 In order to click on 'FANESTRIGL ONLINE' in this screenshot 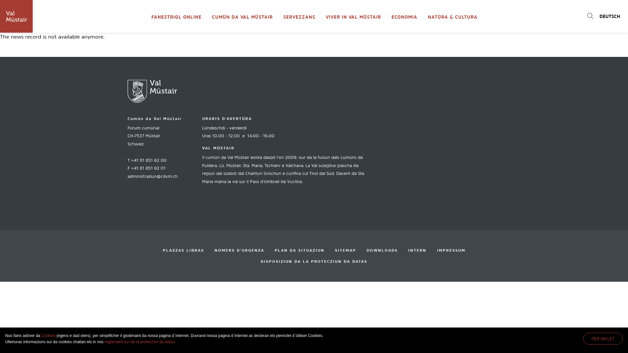, I will do `click(146, 16)`.